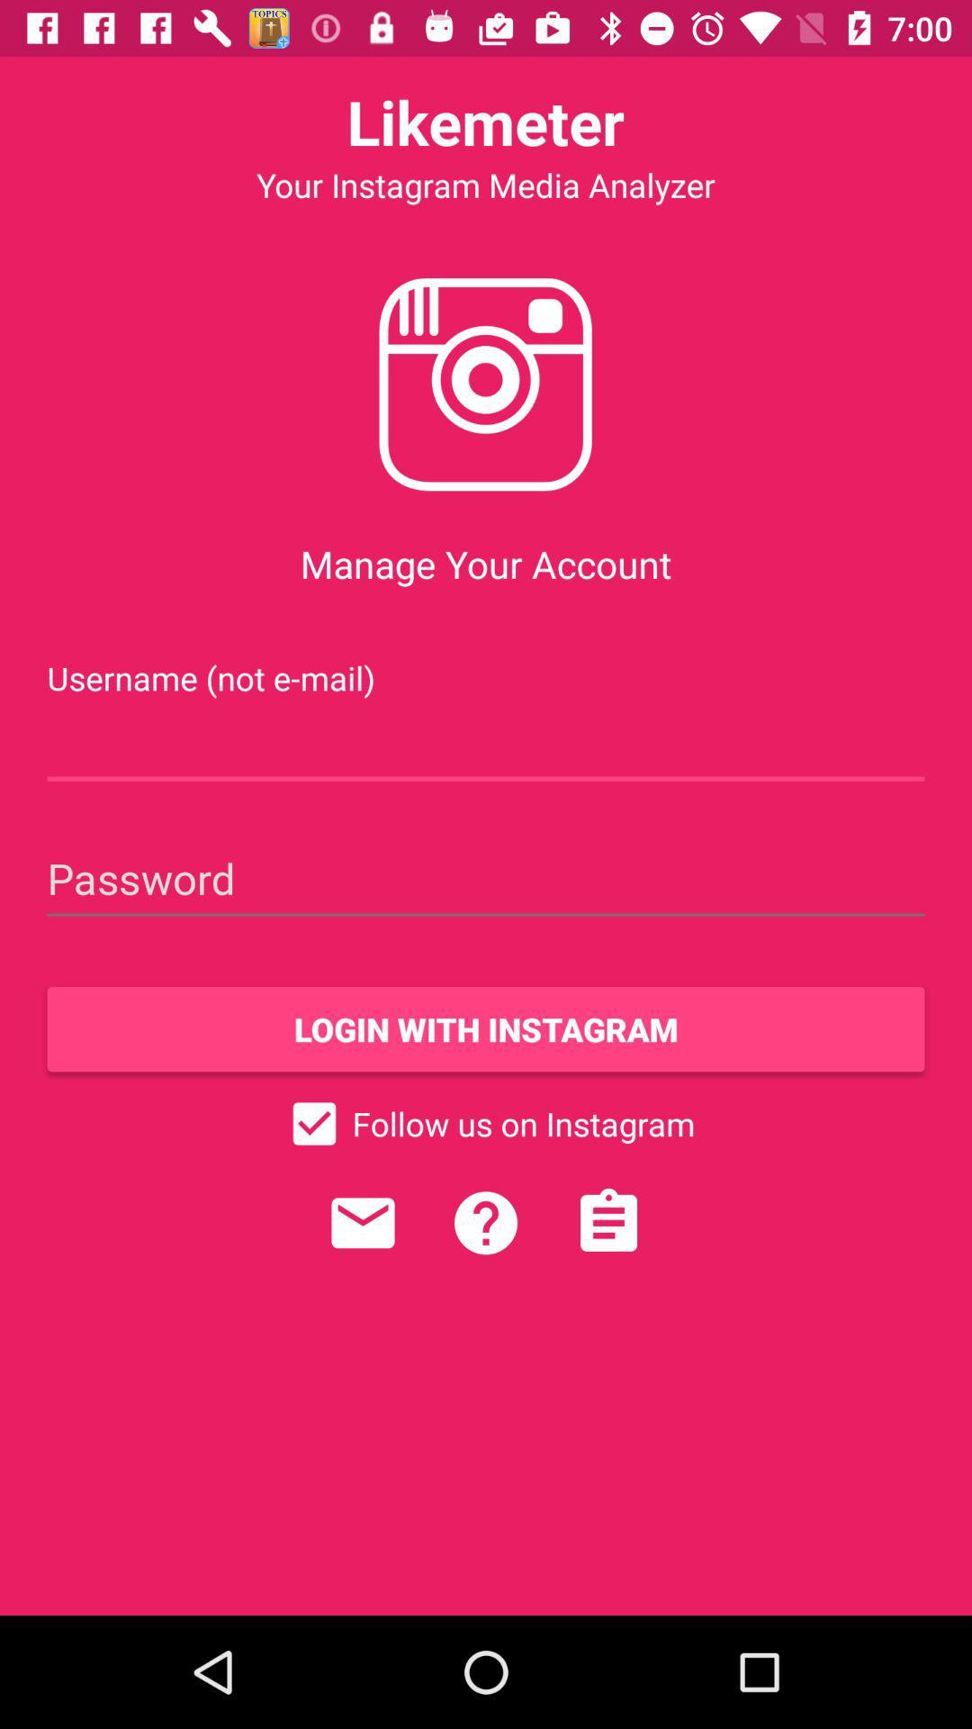  I want to click on the help icon, so click(486, 1223).